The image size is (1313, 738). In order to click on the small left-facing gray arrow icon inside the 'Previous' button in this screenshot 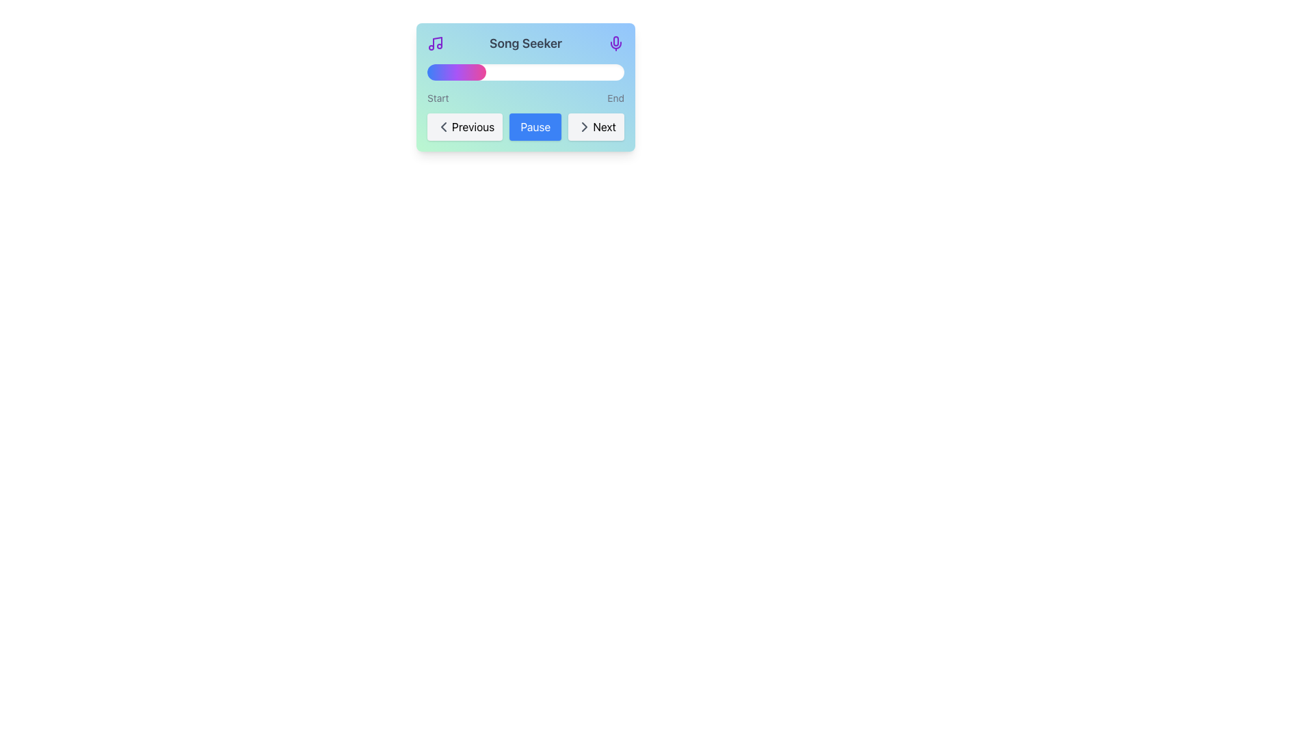, I will do `click(443, 126)`.